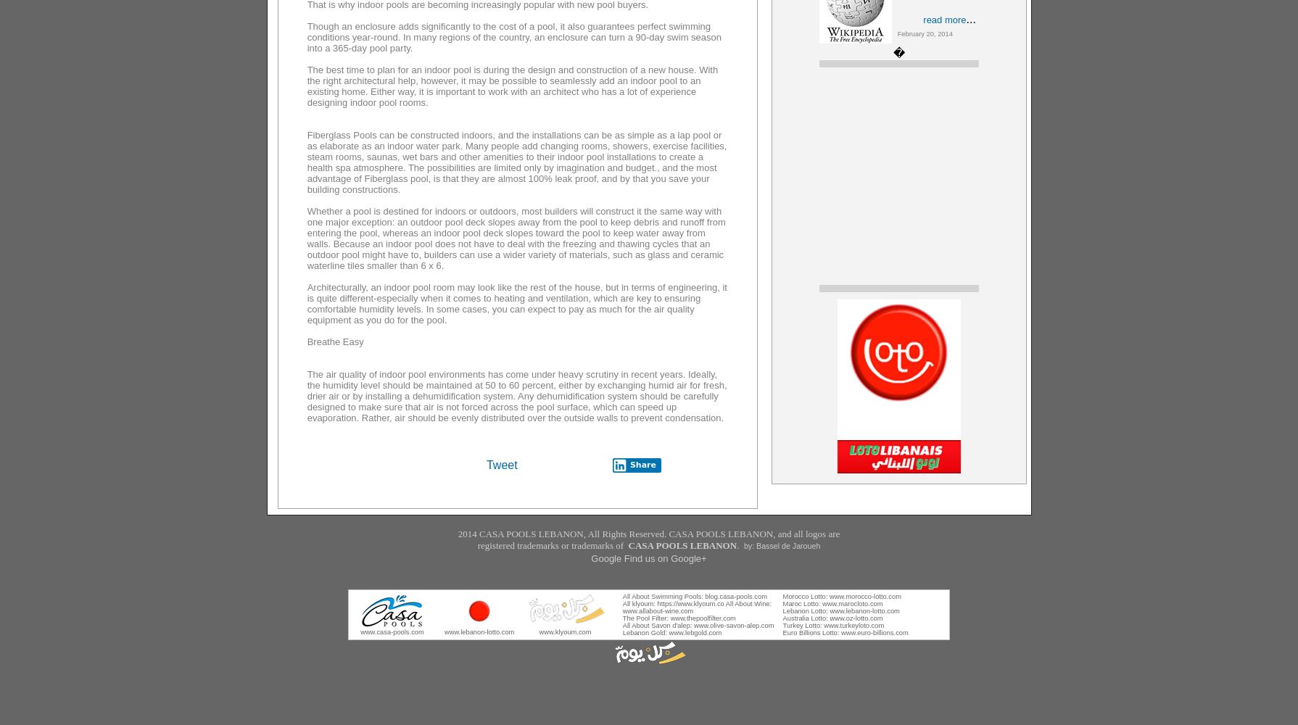  I want to click on 'registered
	trademarks or trademarks of', so click(552, 545).